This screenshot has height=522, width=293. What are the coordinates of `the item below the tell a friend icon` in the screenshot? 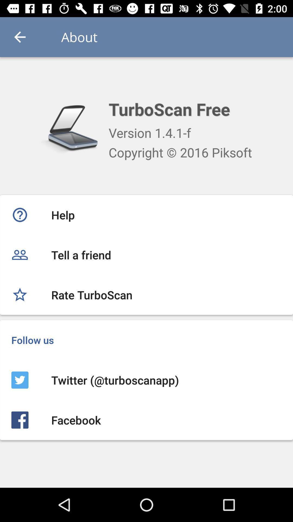 It's located at (146, 294).